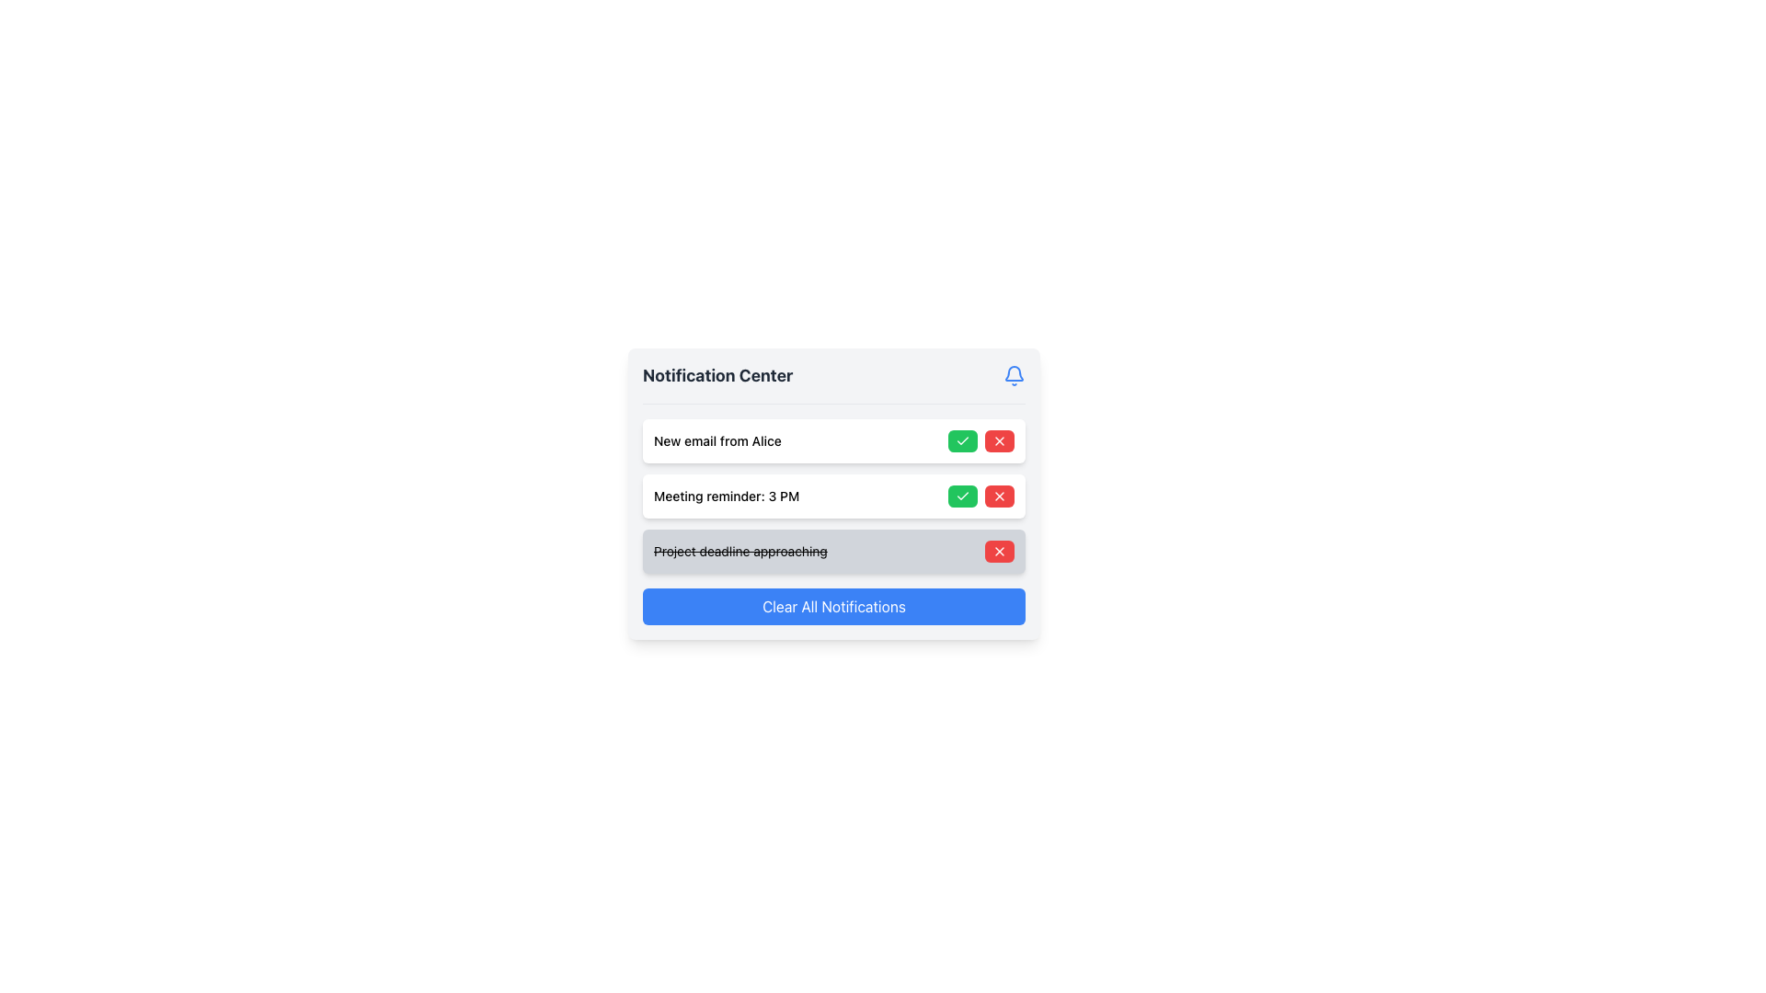  What do you see at coordinates (980, 496) in the screenshot?
I see `the green button with a white checkmark icon in the Grouped Interactive Buttons on the right side of the 'Meeting reminder: 3 PM' notification card to confirm or accept` at bounding box center [980, 496].